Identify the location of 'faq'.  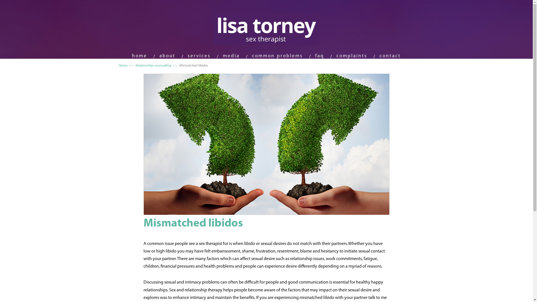
(319, 56).